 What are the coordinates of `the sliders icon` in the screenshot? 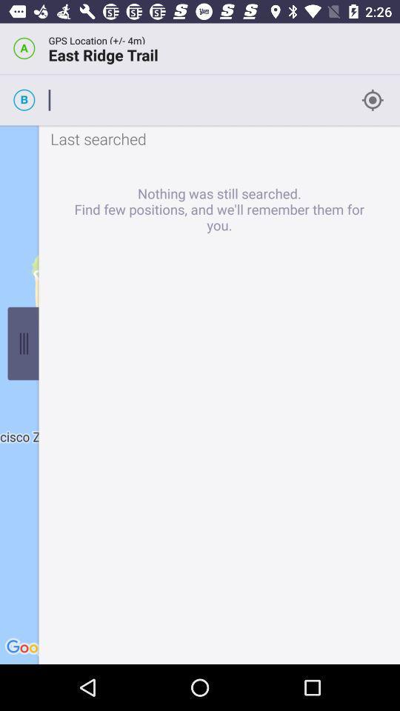 It's located at (22, 344).